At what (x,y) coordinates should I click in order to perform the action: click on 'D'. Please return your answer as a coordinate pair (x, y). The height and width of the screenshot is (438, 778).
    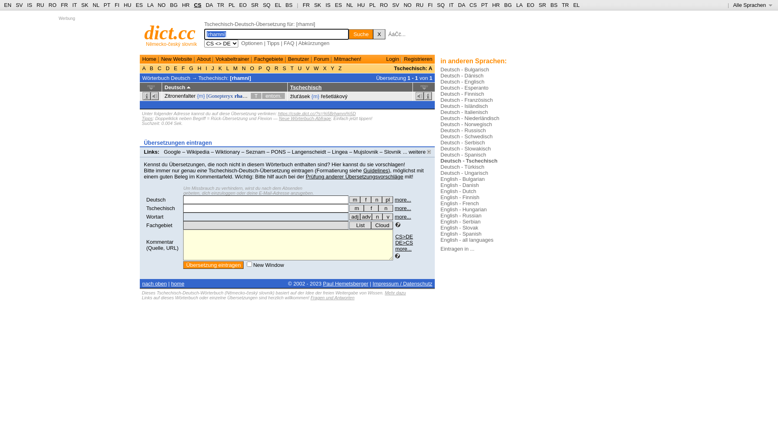
    Looking at the image, I should click on (167, 68).